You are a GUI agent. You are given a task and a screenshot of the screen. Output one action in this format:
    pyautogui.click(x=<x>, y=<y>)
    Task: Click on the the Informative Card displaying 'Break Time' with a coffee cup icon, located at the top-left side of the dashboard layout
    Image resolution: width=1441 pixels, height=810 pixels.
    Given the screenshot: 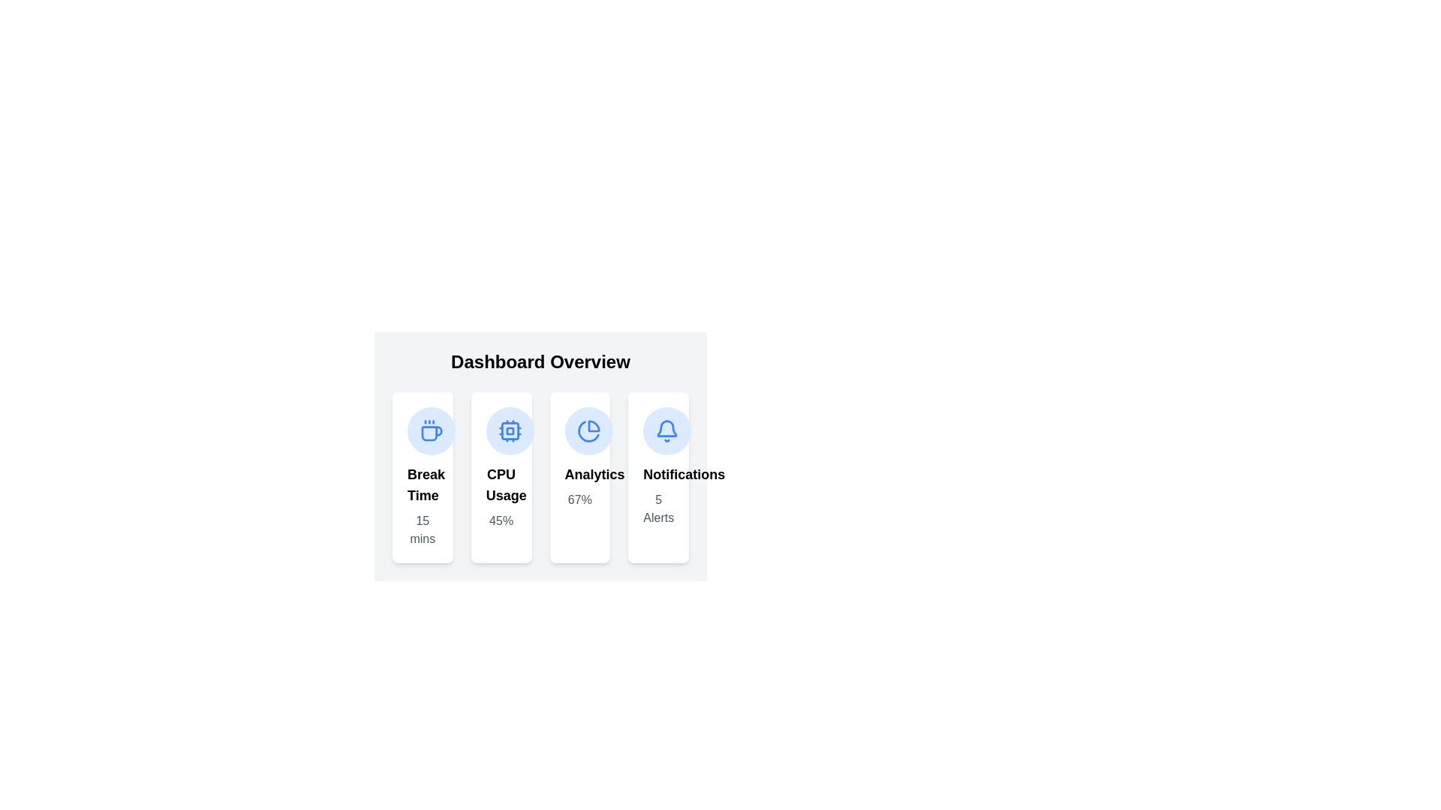 What is the action you would take?
    pyautogui.click(x=422, y=477)
    